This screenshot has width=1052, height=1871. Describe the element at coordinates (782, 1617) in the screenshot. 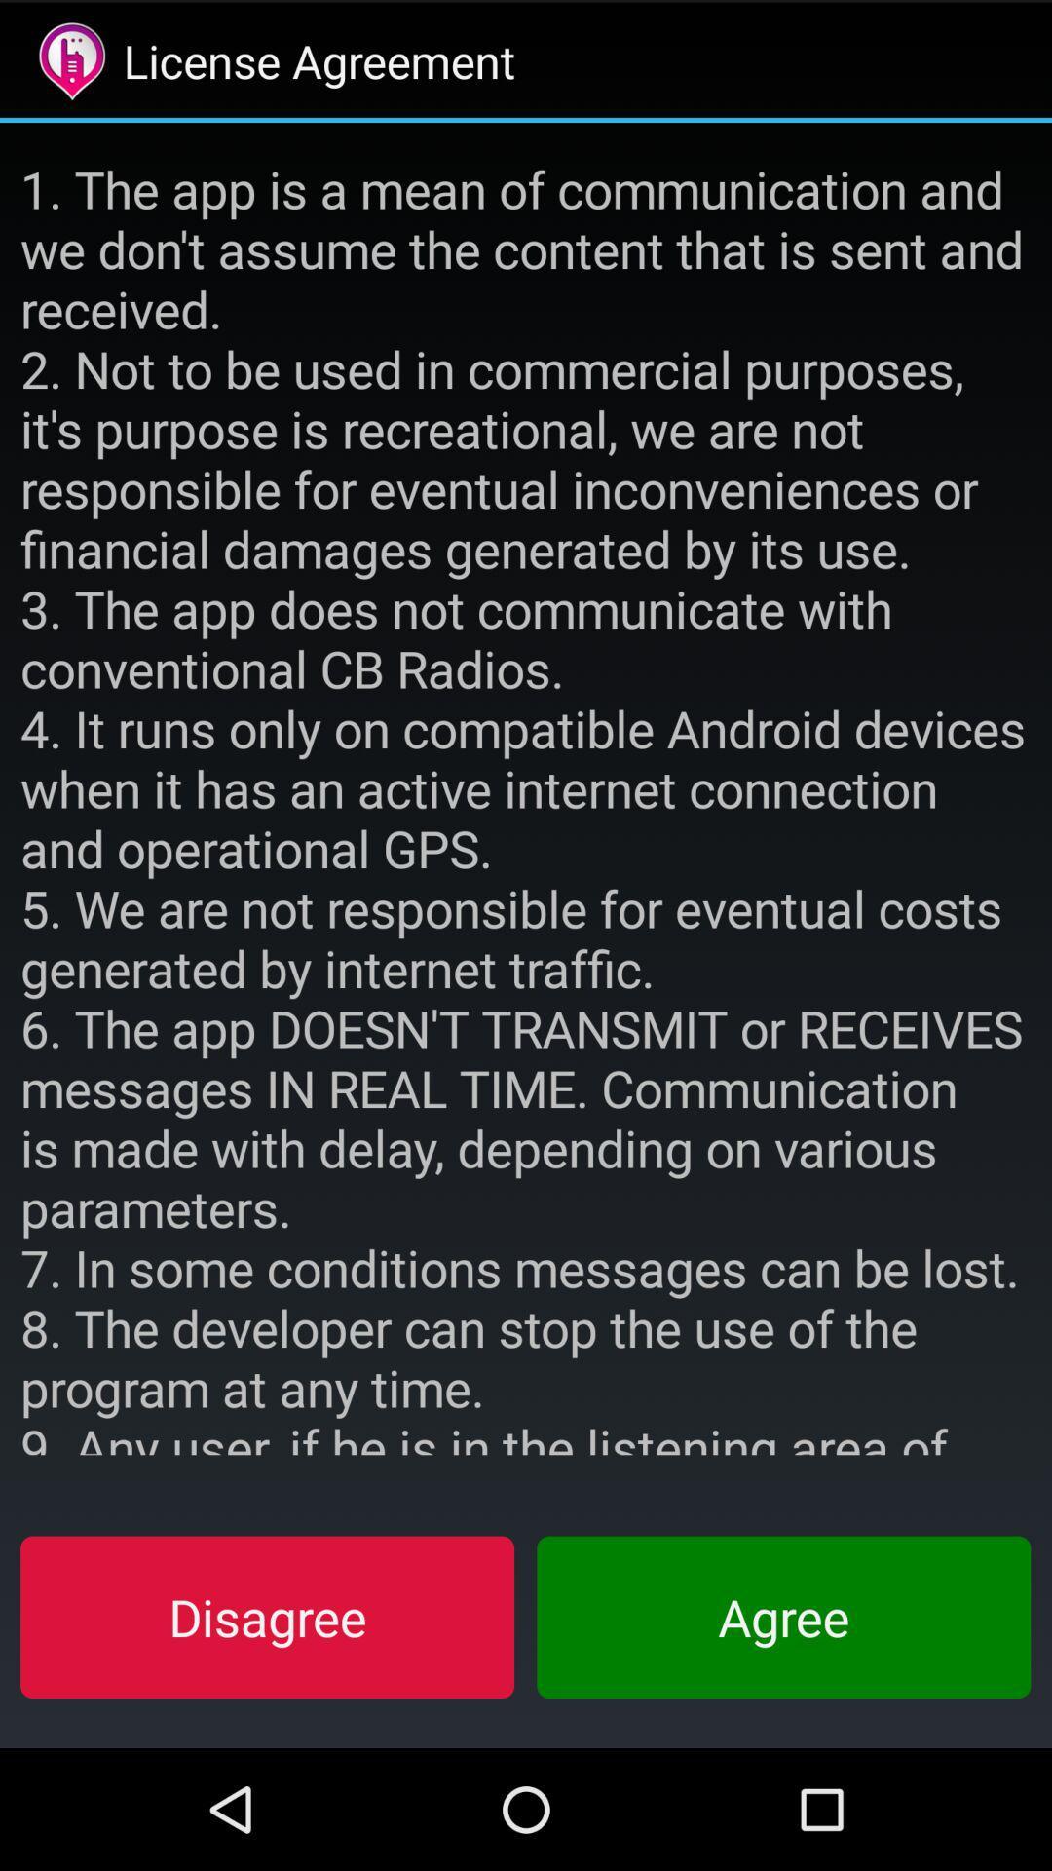

I see `the icon to the right of disagree button` at that location.